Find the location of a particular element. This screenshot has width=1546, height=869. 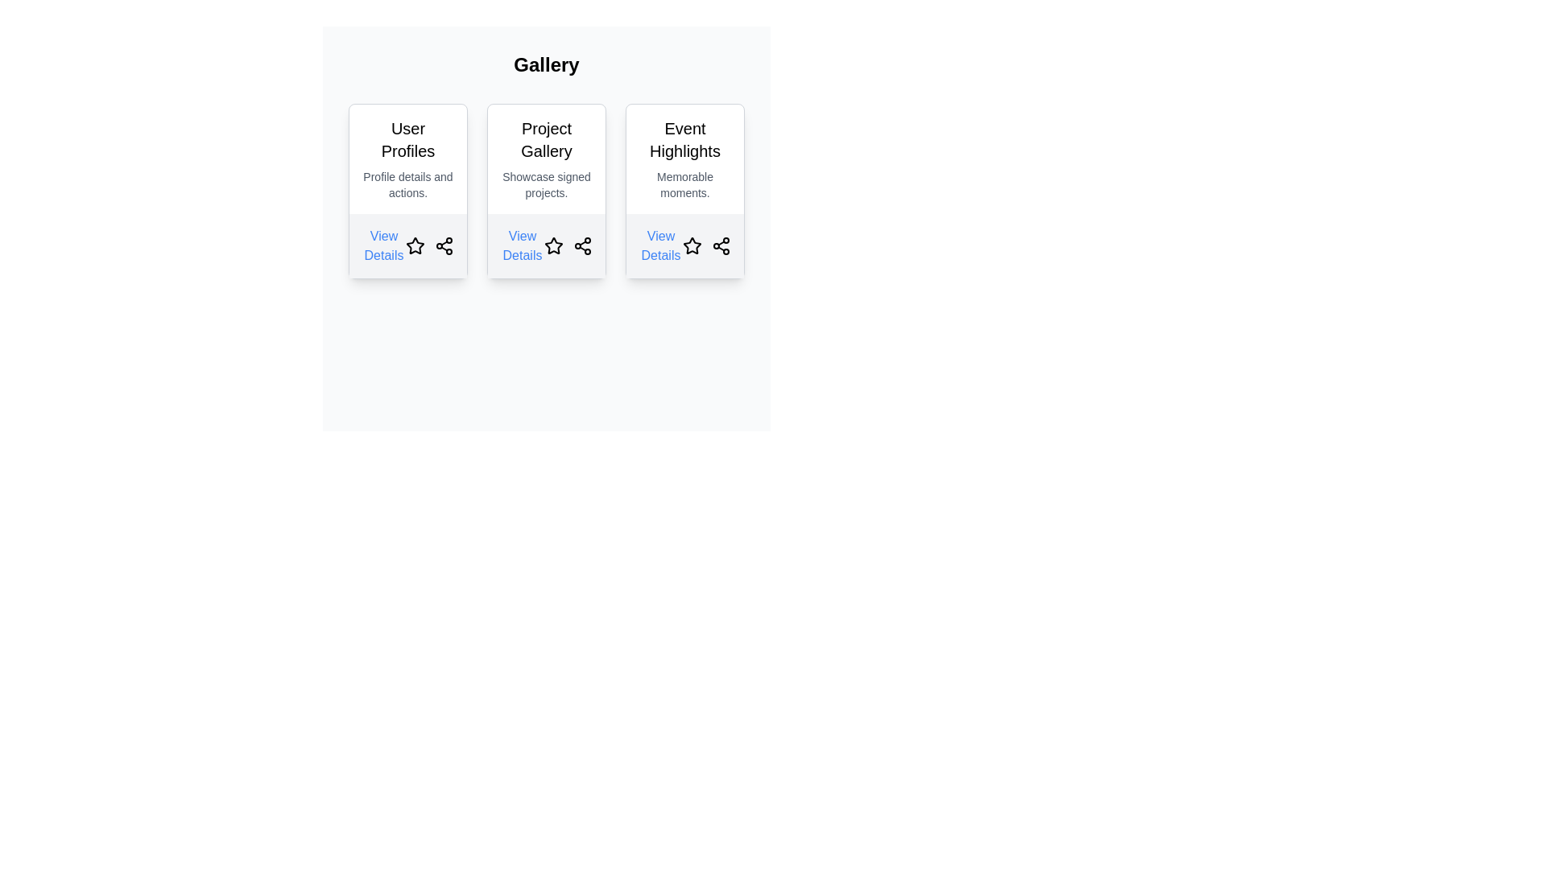

the Share button located in the Project Gallery card, which is the second icon from the right in the interaction bar at the bottom is located at coordinates (582, 245).